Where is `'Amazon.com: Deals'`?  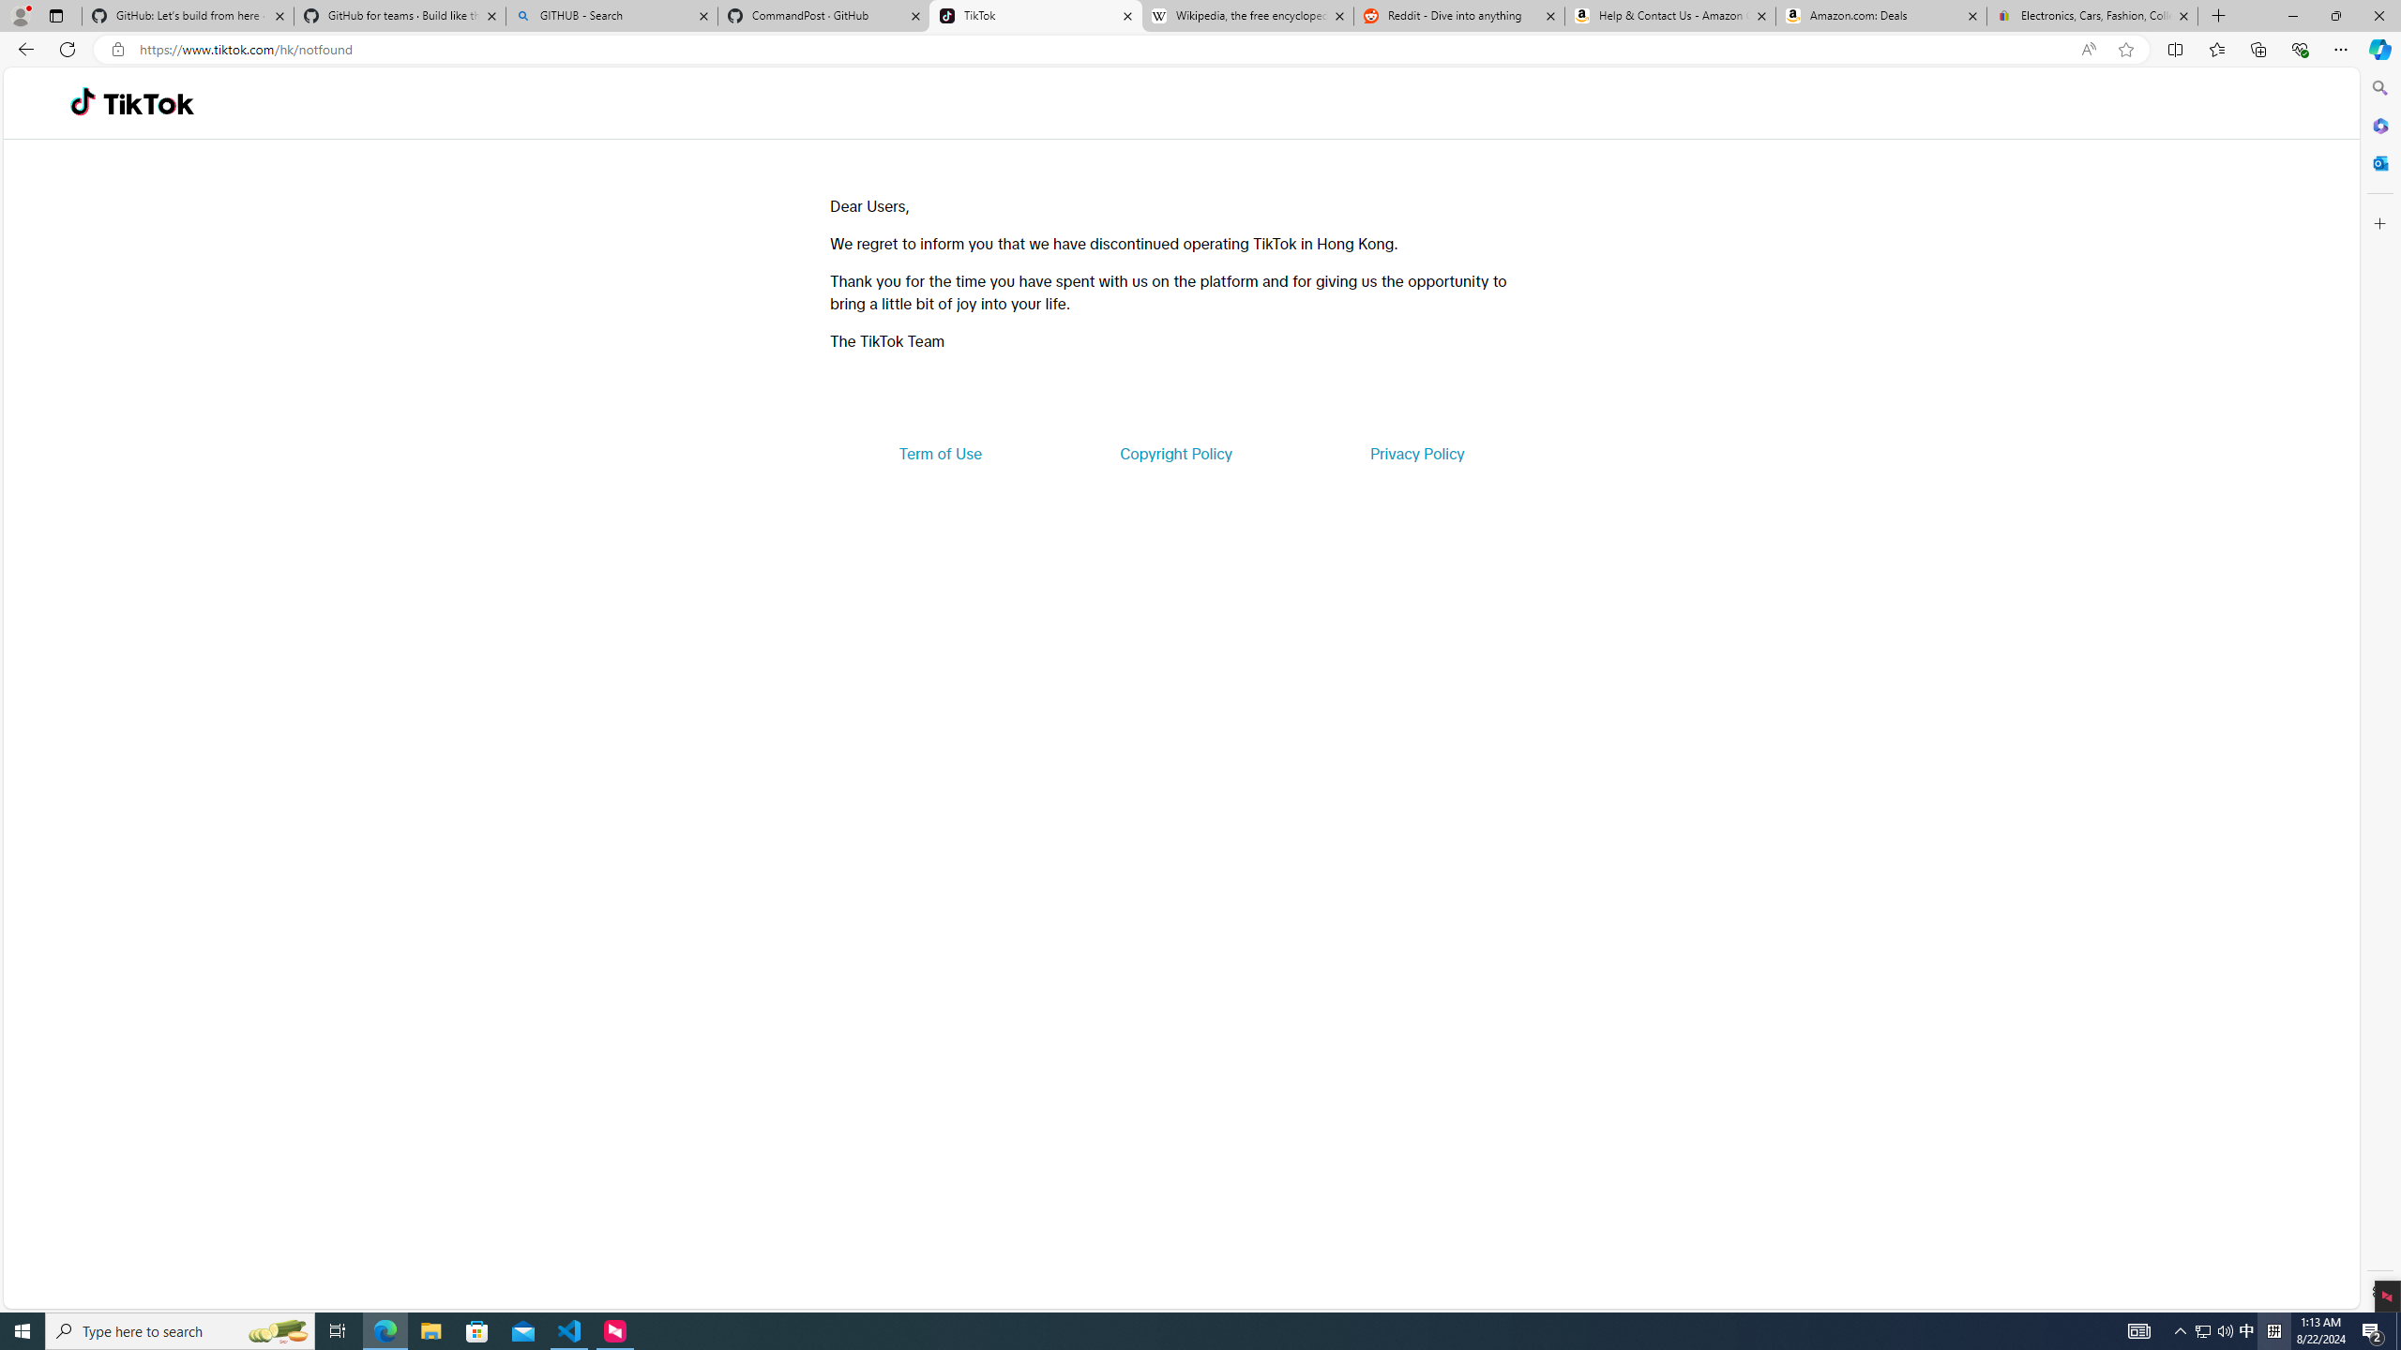
'Amazon.com: Deals' is located at coordinates (1880, 15).